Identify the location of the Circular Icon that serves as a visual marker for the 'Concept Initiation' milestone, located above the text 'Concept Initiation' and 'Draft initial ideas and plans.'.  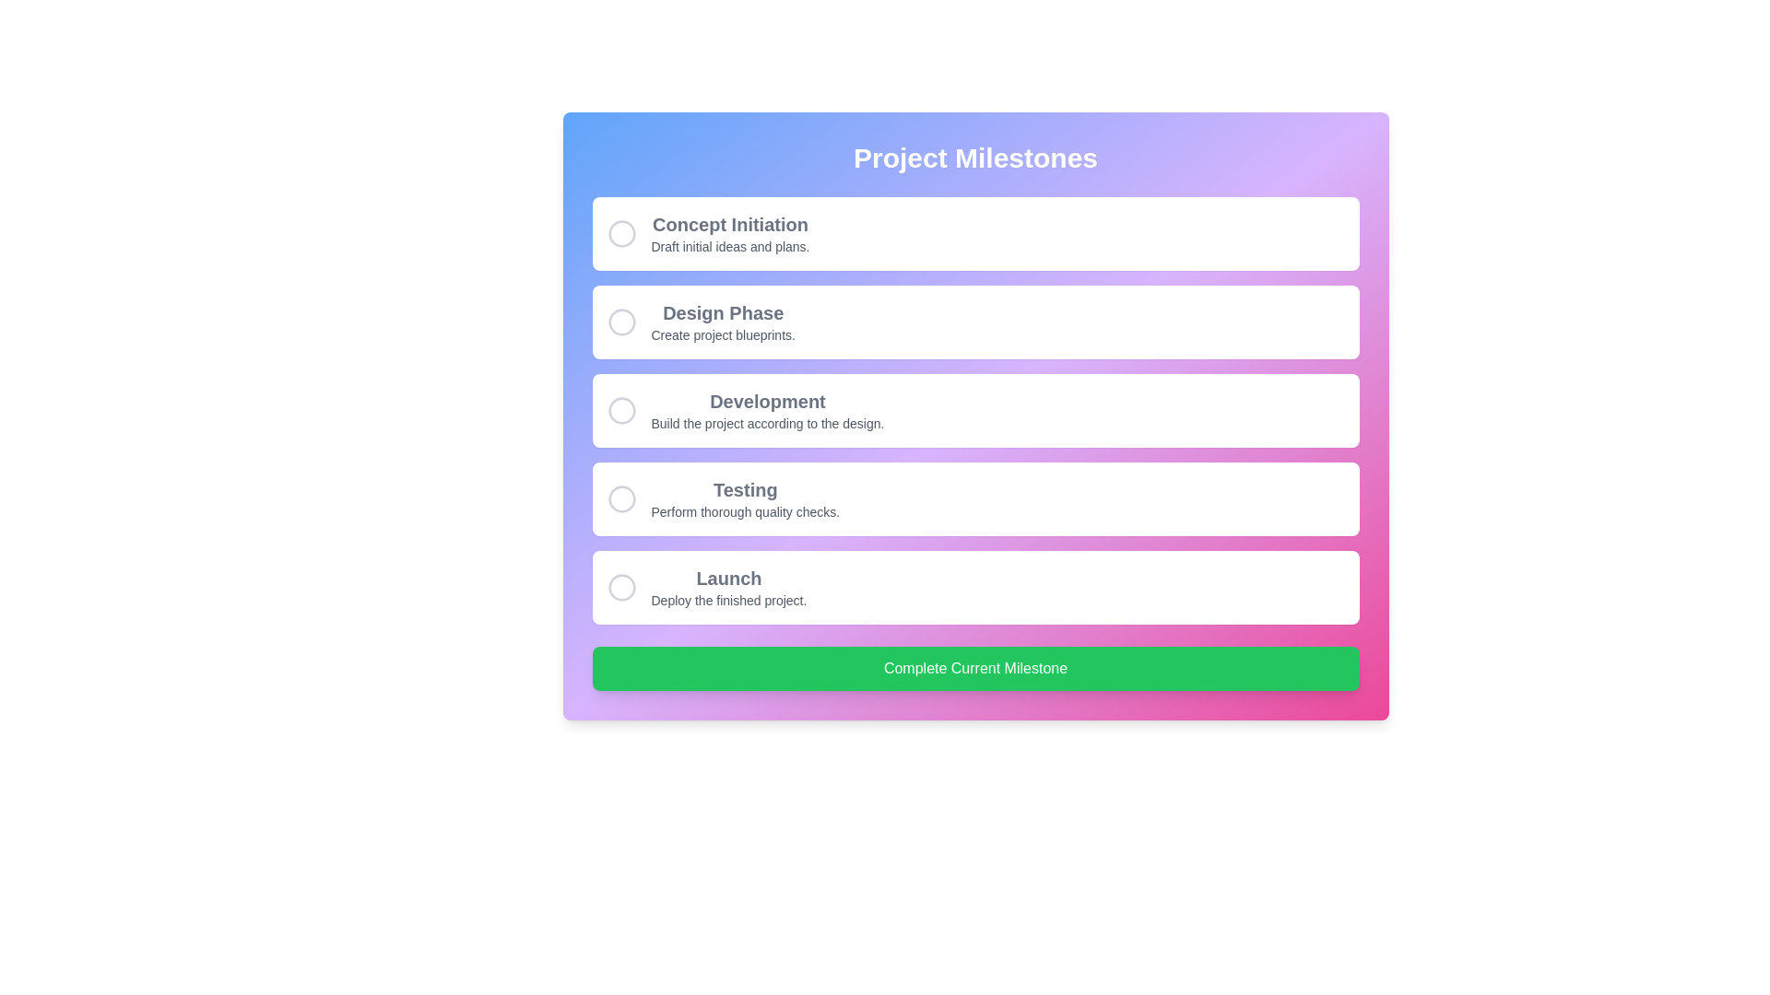
(621, 233).